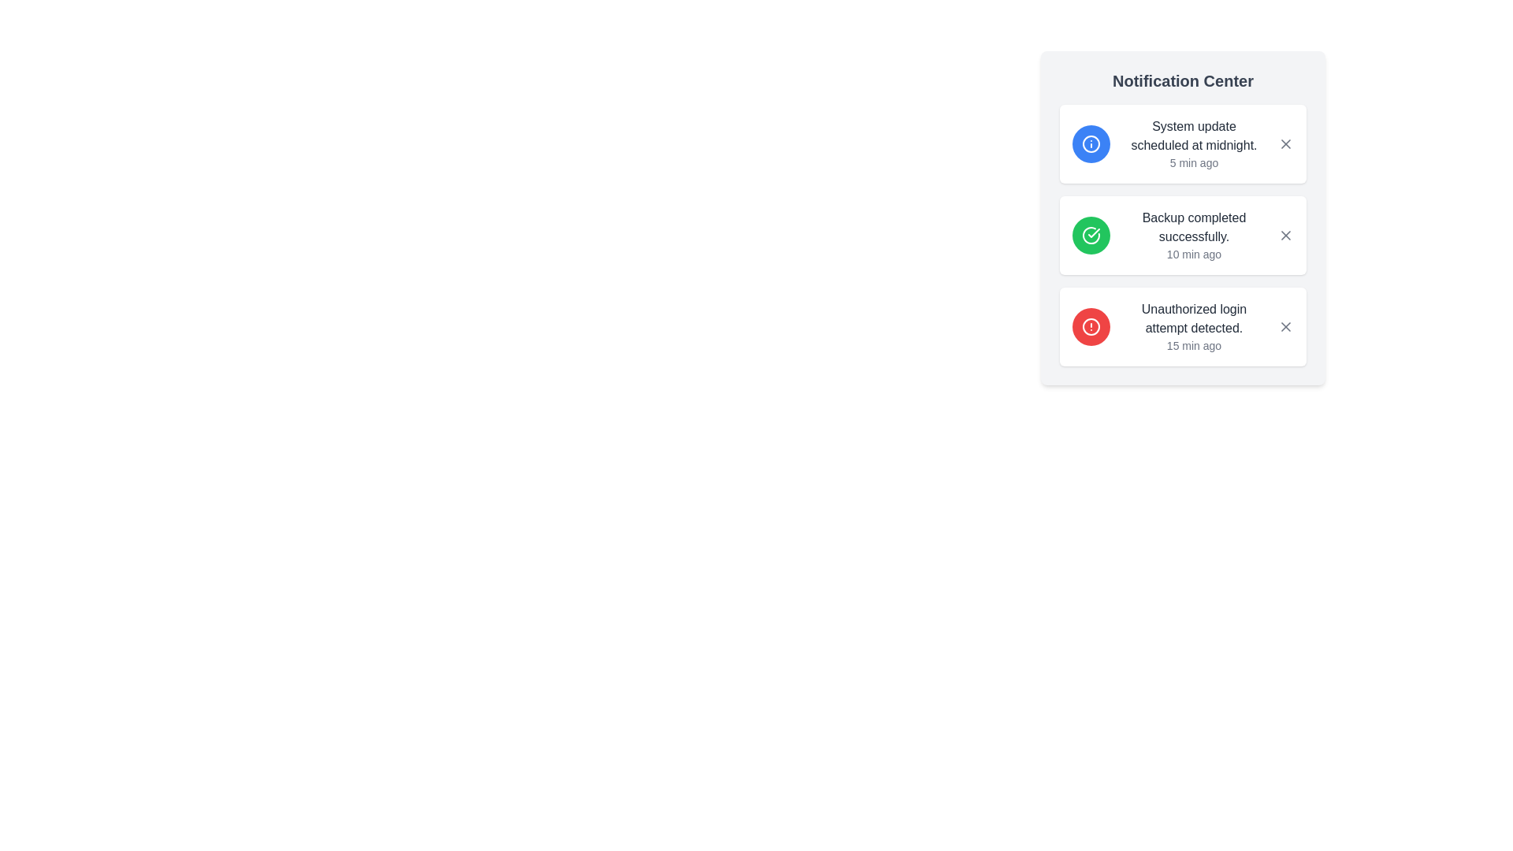 The image size is (1513, 851). I want to click on the dismiss icon button for the notification 'Unauthorized login attempt detected. 15 min ago.' to trigger the hover effect, so click(1286, 326).